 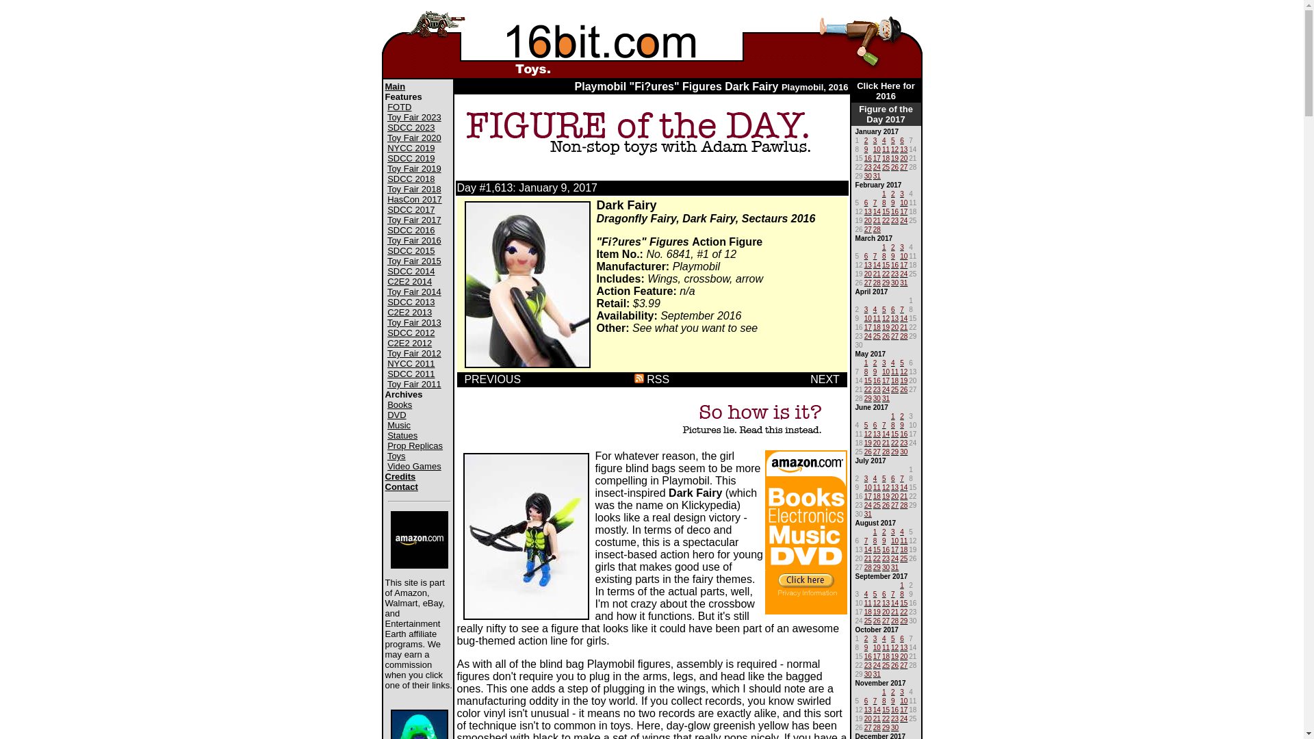 I want to click on 'Contact', so click(x=383, y=486).